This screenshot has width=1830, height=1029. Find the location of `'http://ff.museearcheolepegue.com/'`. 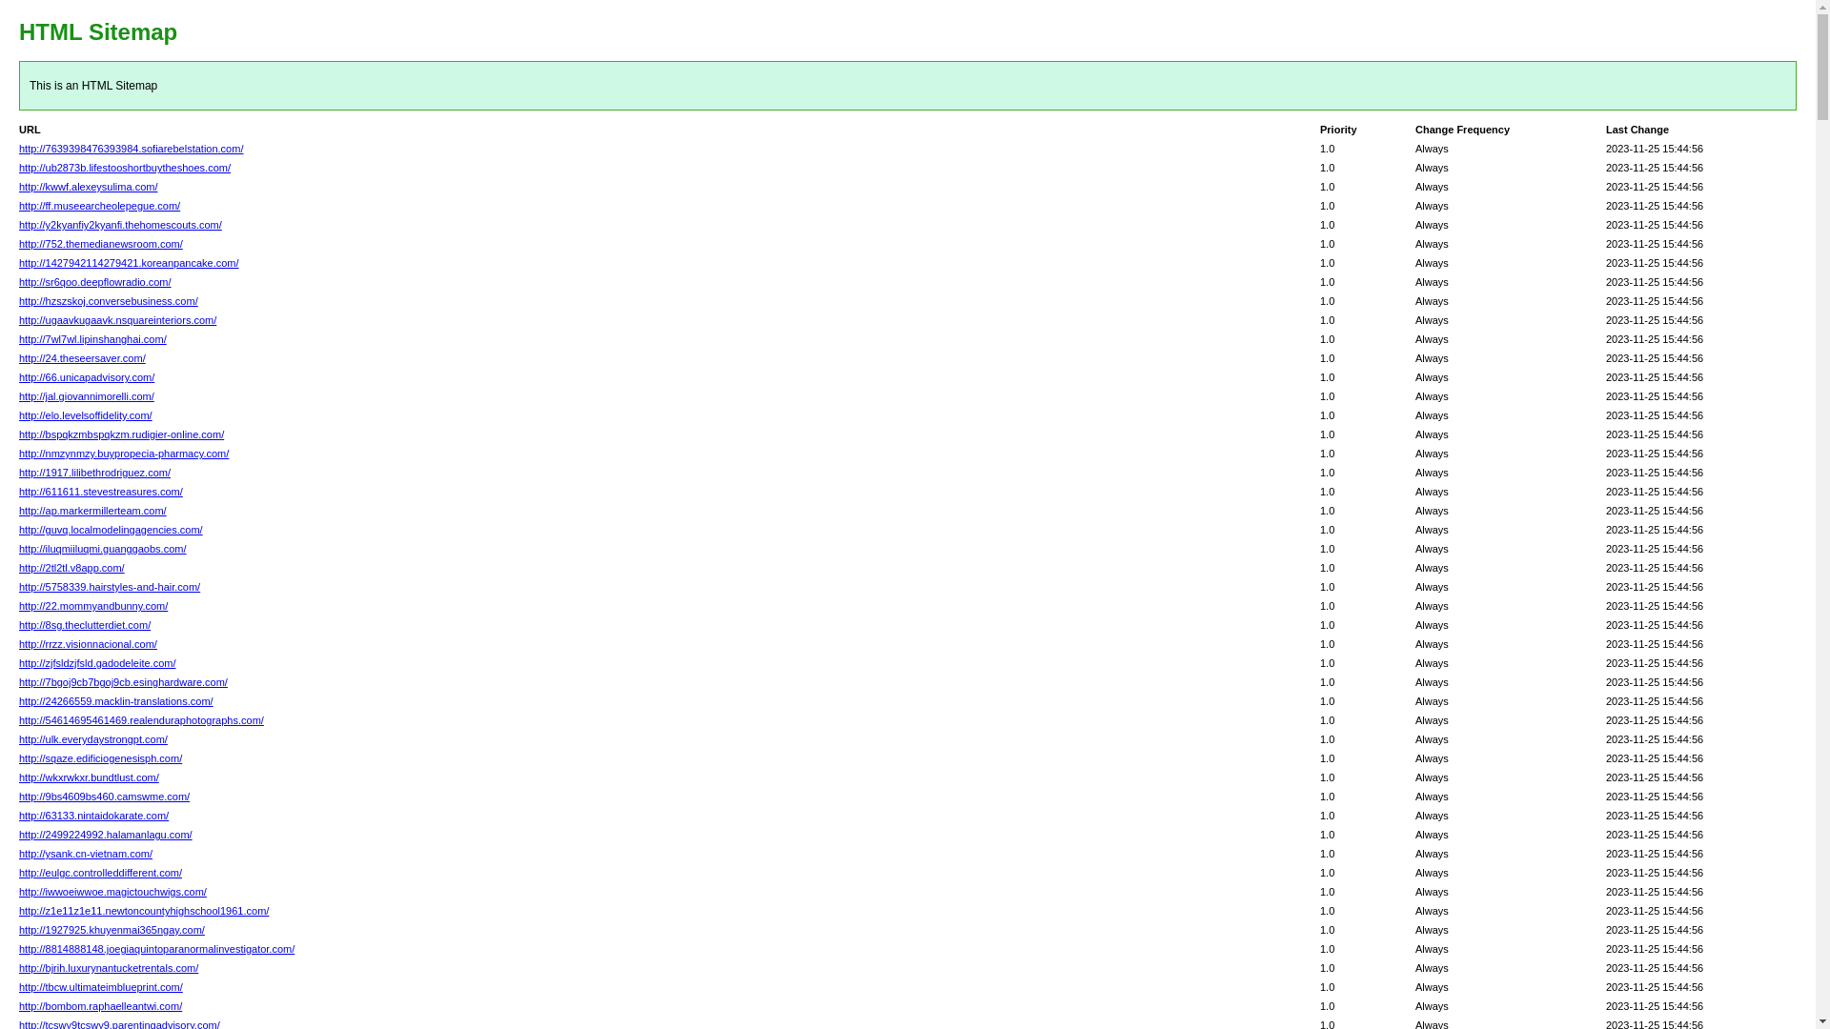

'http://ff.museearcheolepegue.com/' is located at coordinates (18, 206).